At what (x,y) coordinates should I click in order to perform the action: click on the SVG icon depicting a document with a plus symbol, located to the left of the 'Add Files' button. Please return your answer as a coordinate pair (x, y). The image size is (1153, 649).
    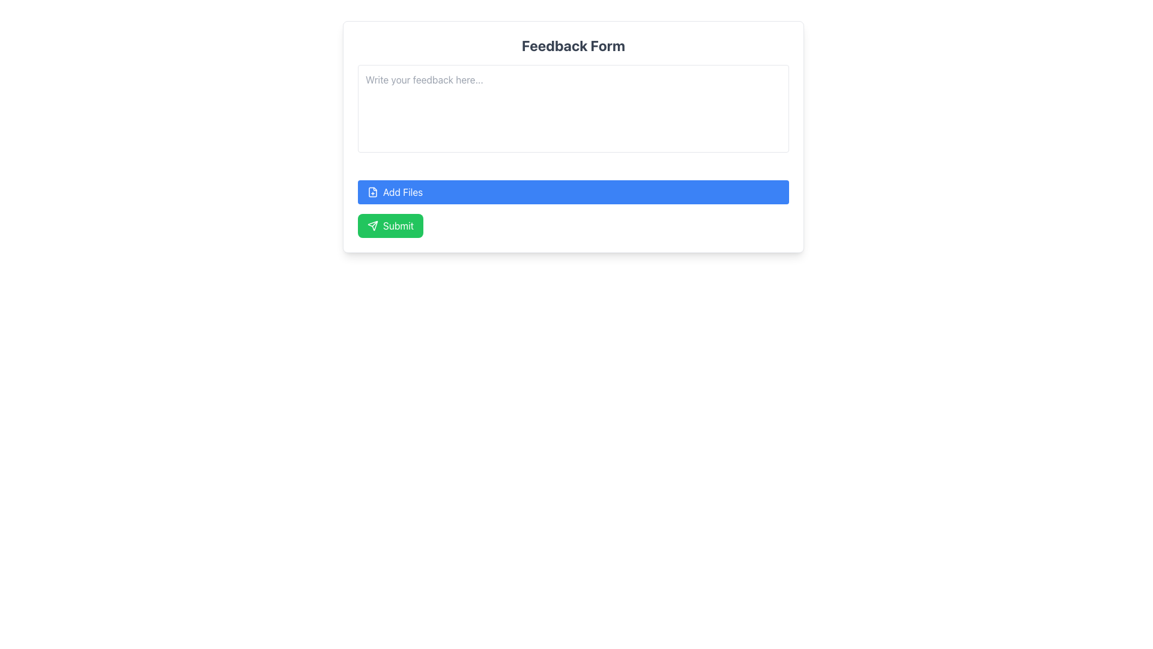
    Looking at the image, I should click on (372, 192).